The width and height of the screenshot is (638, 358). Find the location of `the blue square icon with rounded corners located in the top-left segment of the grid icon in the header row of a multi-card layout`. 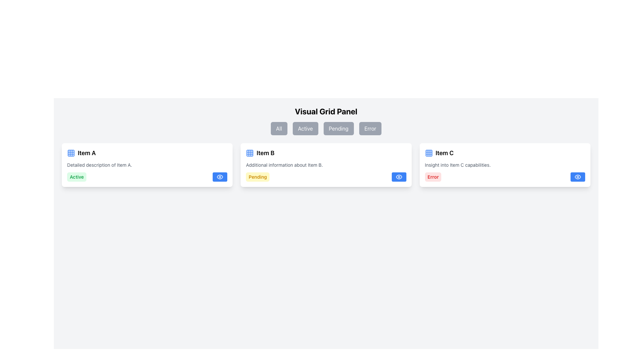

the blue square icon with rounded corners located in the top-left segment of the grid icon in the header row of a multi-card layout is located at coordinates (250, 153).